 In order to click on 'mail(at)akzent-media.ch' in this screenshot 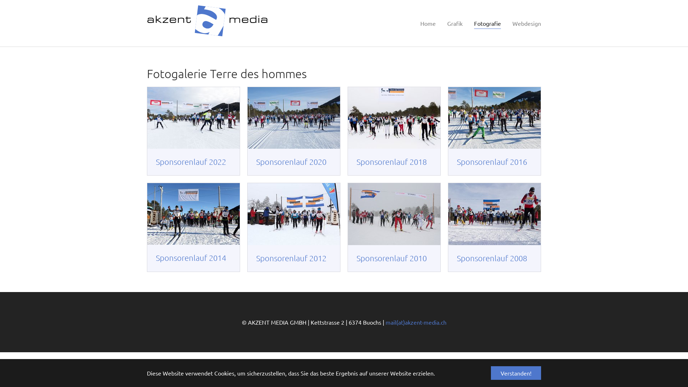, I will do `click(417, 321)`.